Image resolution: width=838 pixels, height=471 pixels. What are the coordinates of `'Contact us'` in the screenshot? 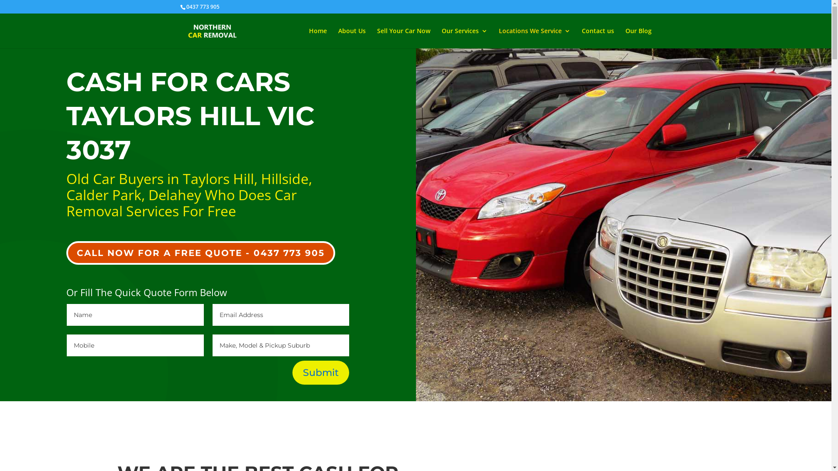 It's located at (597, 38).